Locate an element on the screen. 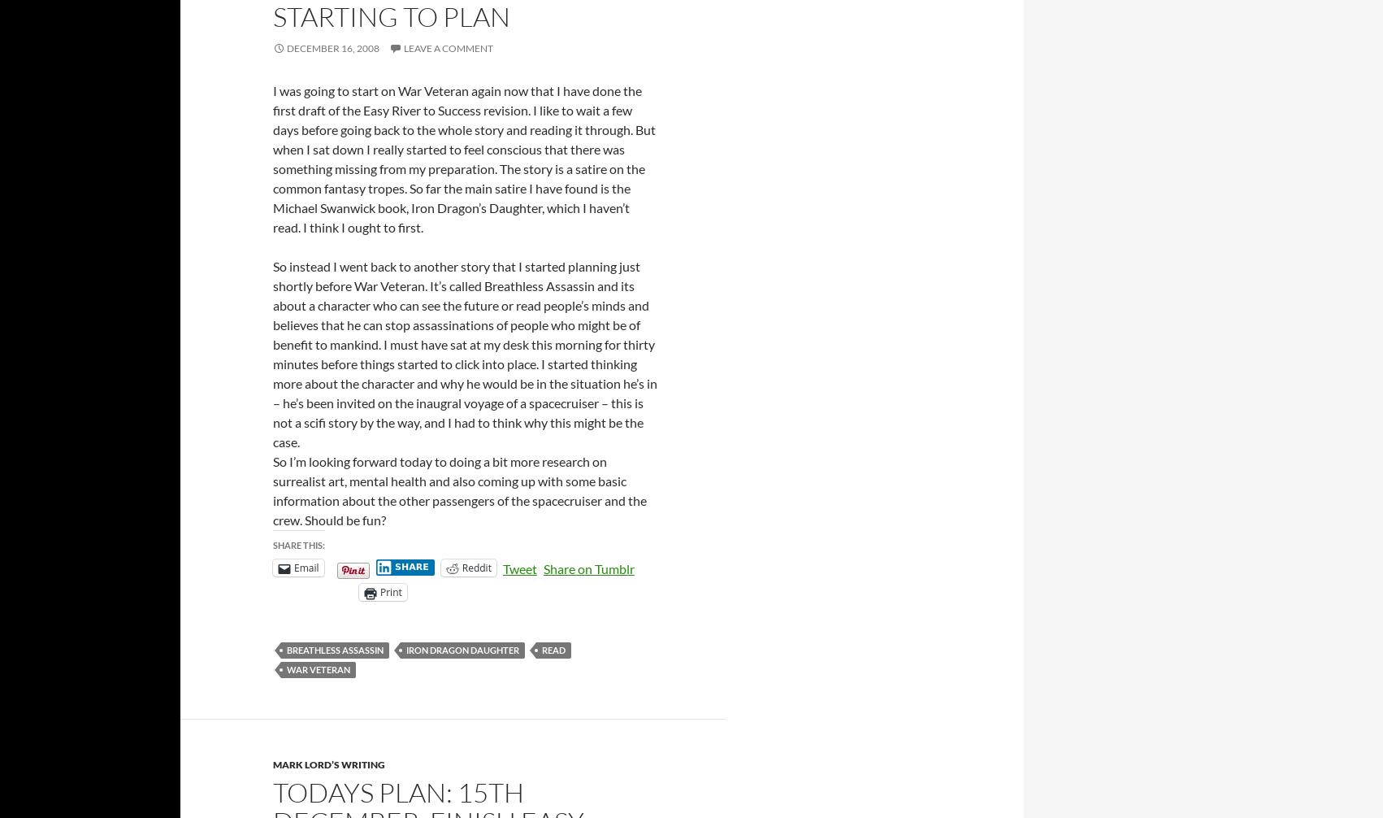  'read' is located at coordinates (553, 649).